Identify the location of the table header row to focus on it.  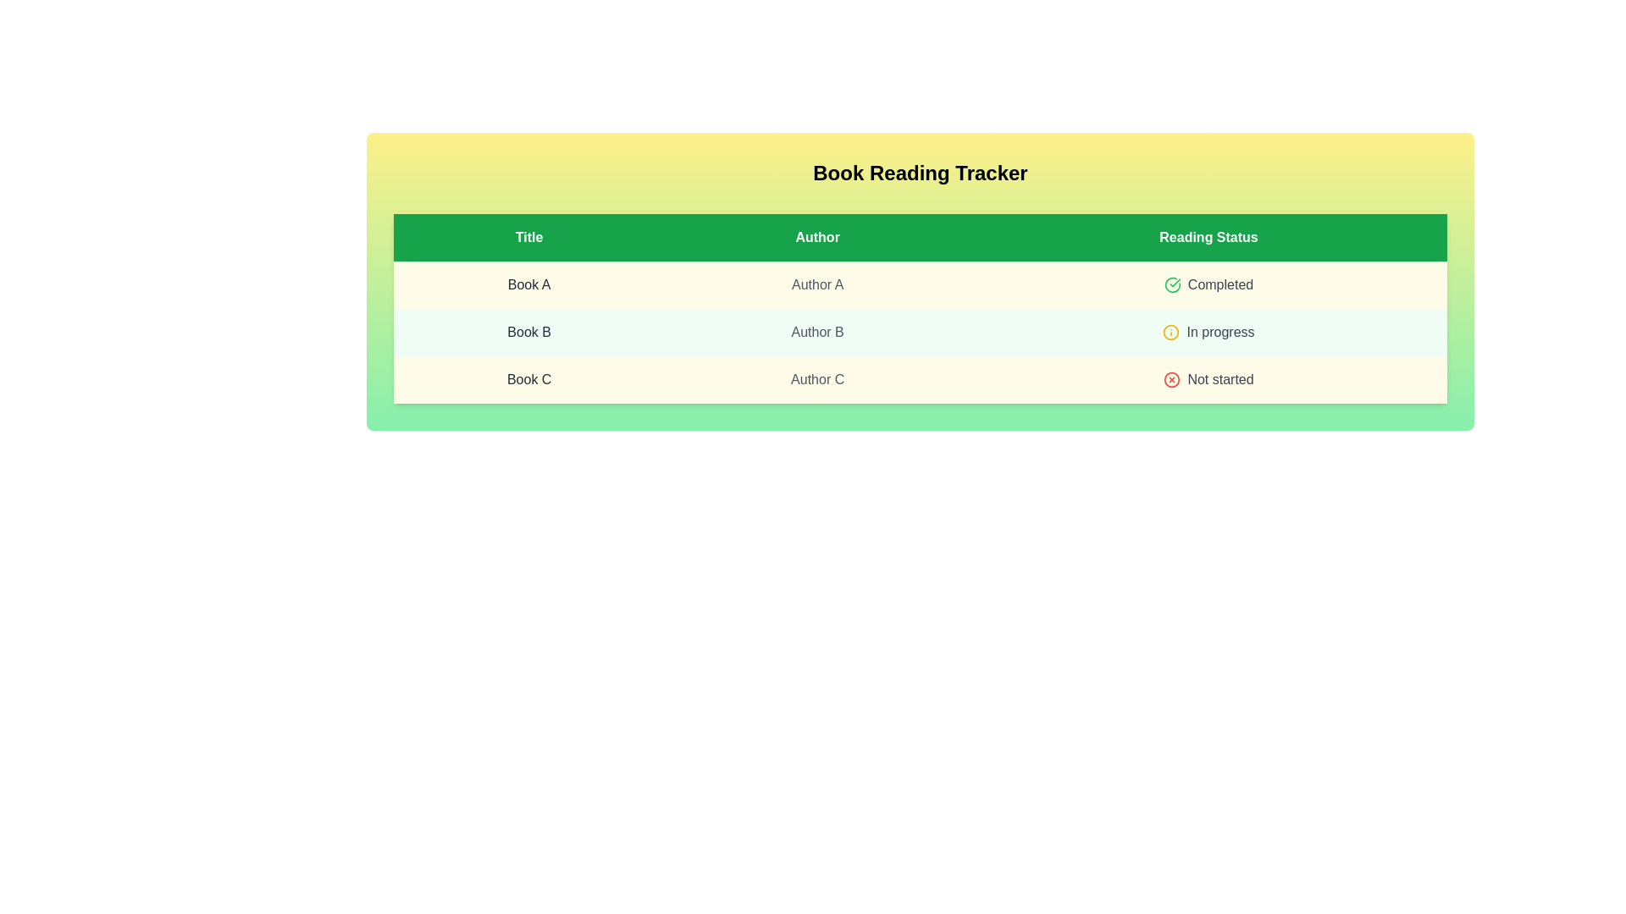
(919, 238).